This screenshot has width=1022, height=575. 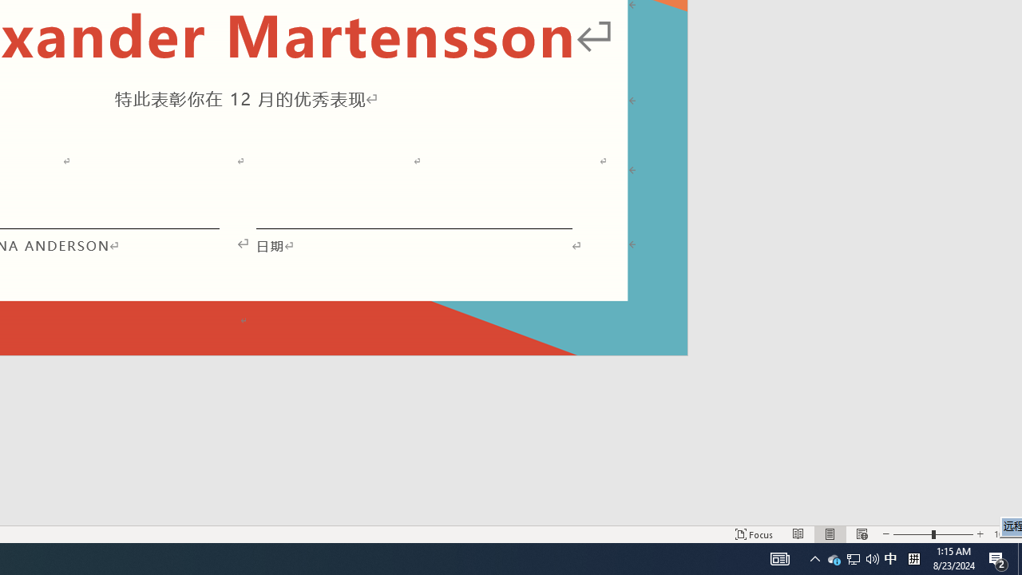 What do you see at coordinates (1004, 534) in the screenshot?
I see `'Zoom 100%'` at bounding box center [1004, 534].